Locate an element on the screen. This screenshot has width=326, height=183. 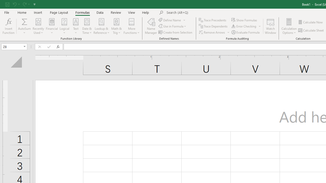
'Show Formulas' is located at coordinates (245, 20).